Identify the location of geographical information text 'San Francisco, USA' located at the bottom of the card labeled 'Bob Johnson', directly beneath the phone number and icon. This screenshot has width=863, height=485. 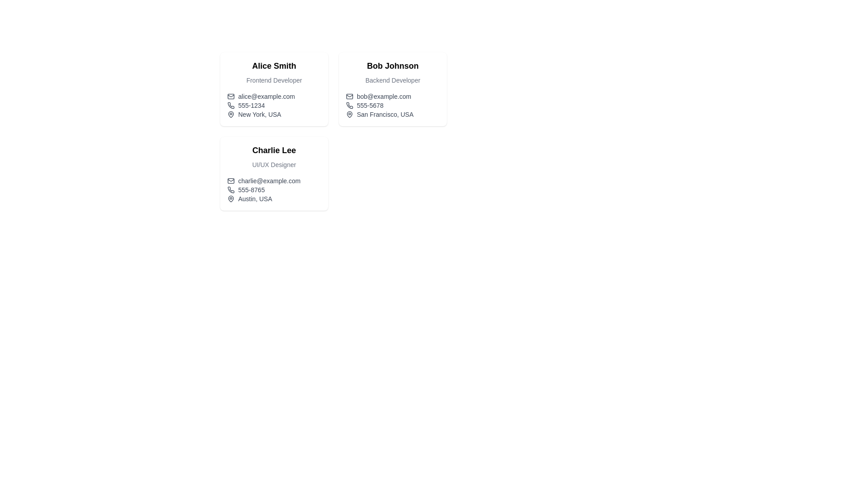
(392, 114).